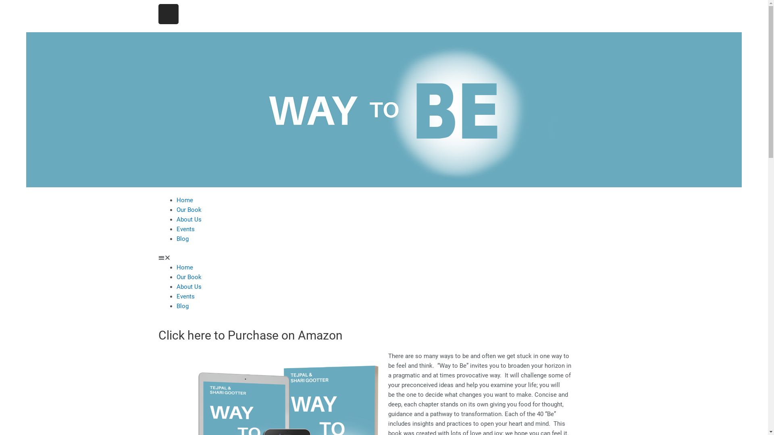 The image size is (774, 435). Describe the element at coordinates (189, 219) in the screenshot. I see `'About Us'` at that location.